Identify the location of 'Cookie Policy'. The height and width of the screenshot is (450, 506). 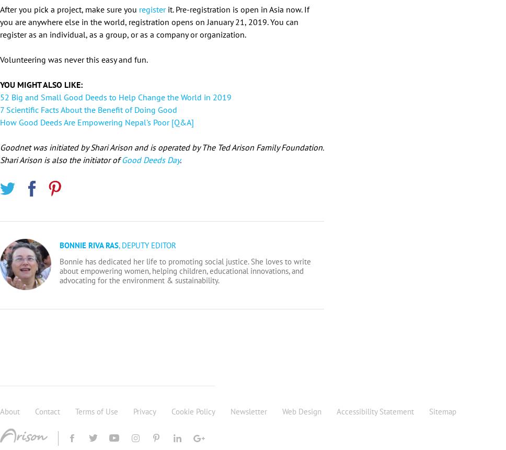
(192, 411).